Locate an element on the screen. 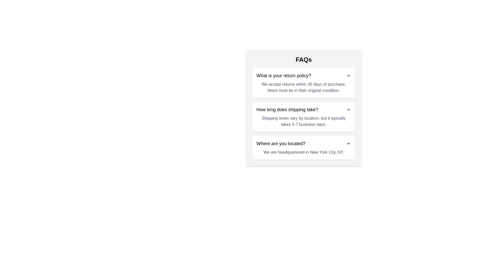 The width and height of the screenshot is (494, 278). the Text heading element located at the top of the FAQ section, which serves as a header for the return policy details is located at coordinates (284, 75).